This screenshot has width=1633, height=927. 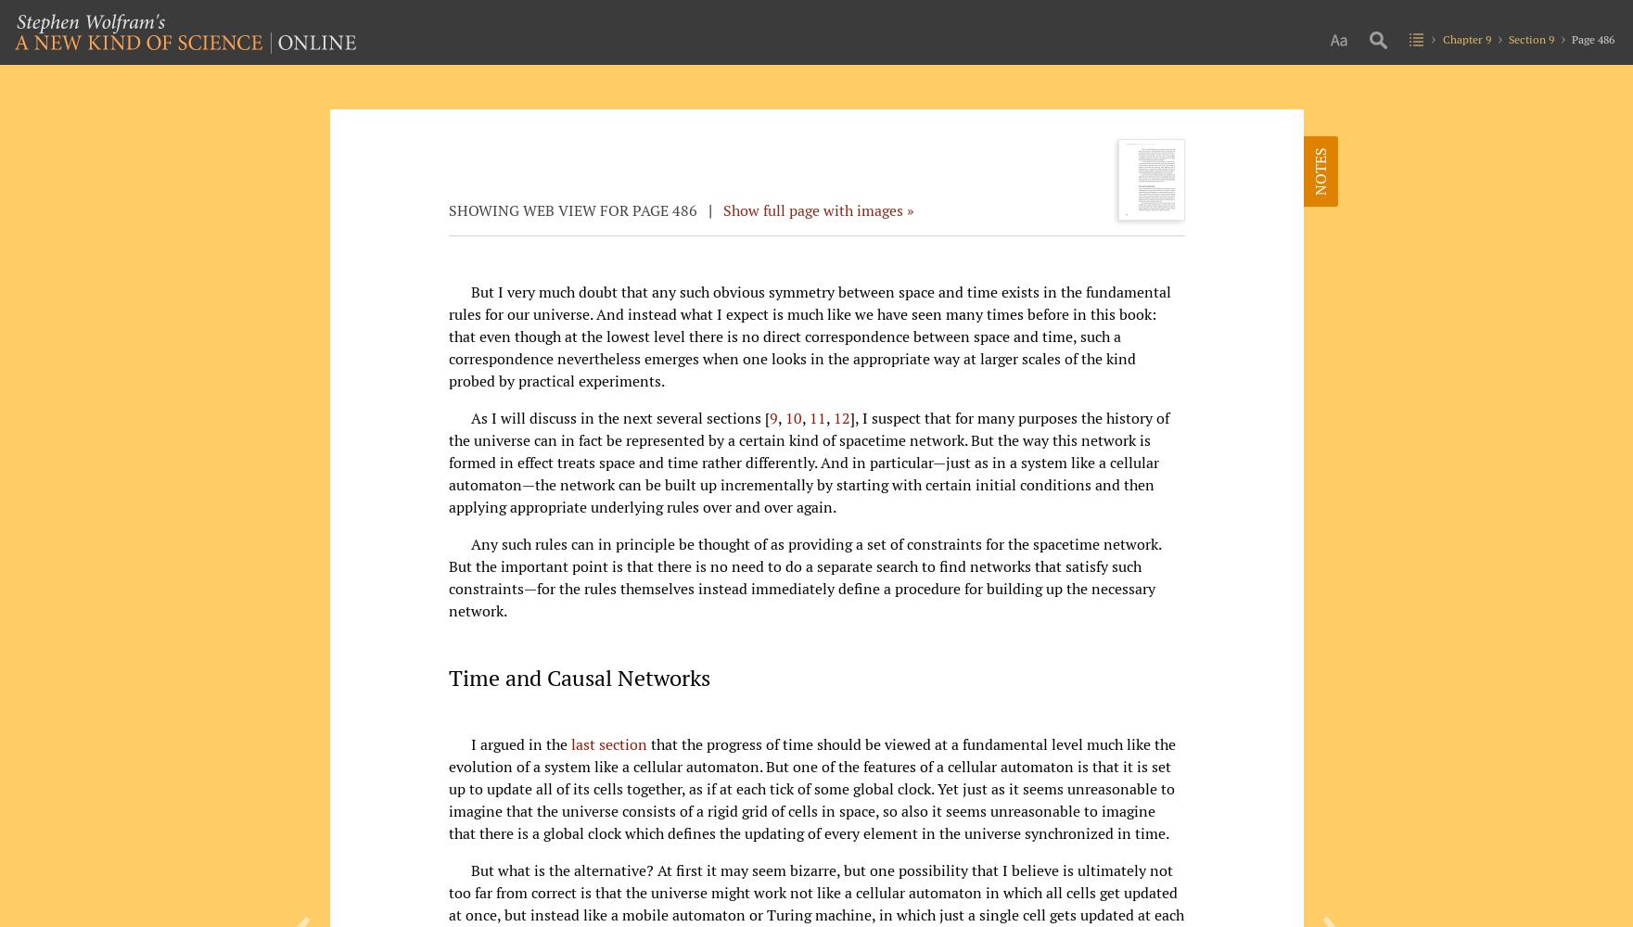 What do you see at coordinates (683, 209) in the screenshot?
I see `'486'` at bounding box center [683, 209].